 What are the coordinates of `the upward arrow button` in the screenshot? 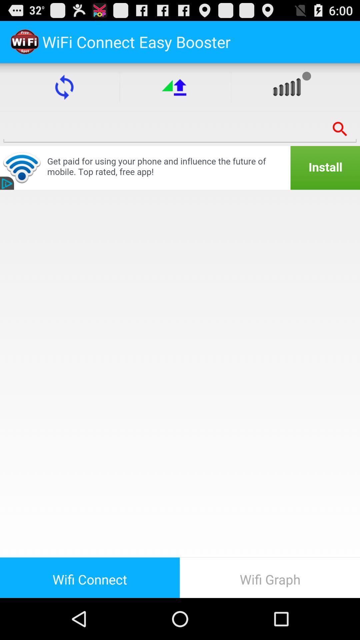 It's located at (175, 87).